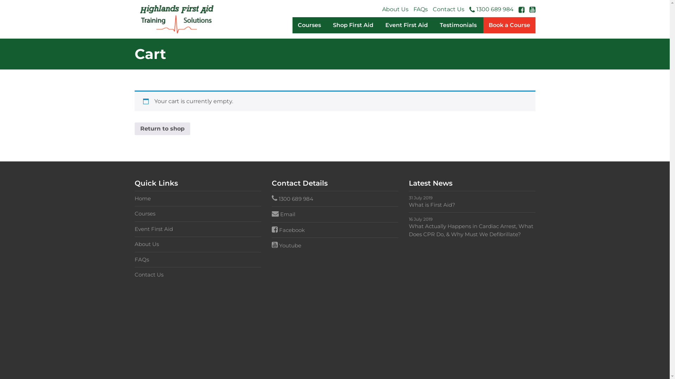 The width and height of the screenshot is (675, 379). I want to click on '1300 689 984', so click(469, 9).